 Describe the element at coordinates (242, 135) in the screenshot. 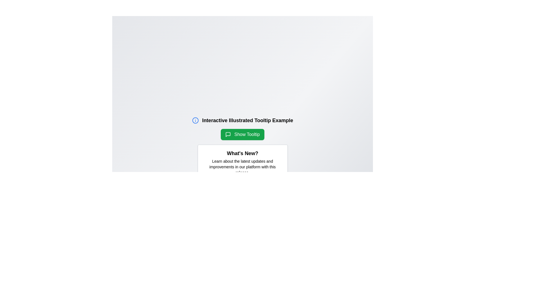

I see `the 'Show Tooltip' button` at that location.